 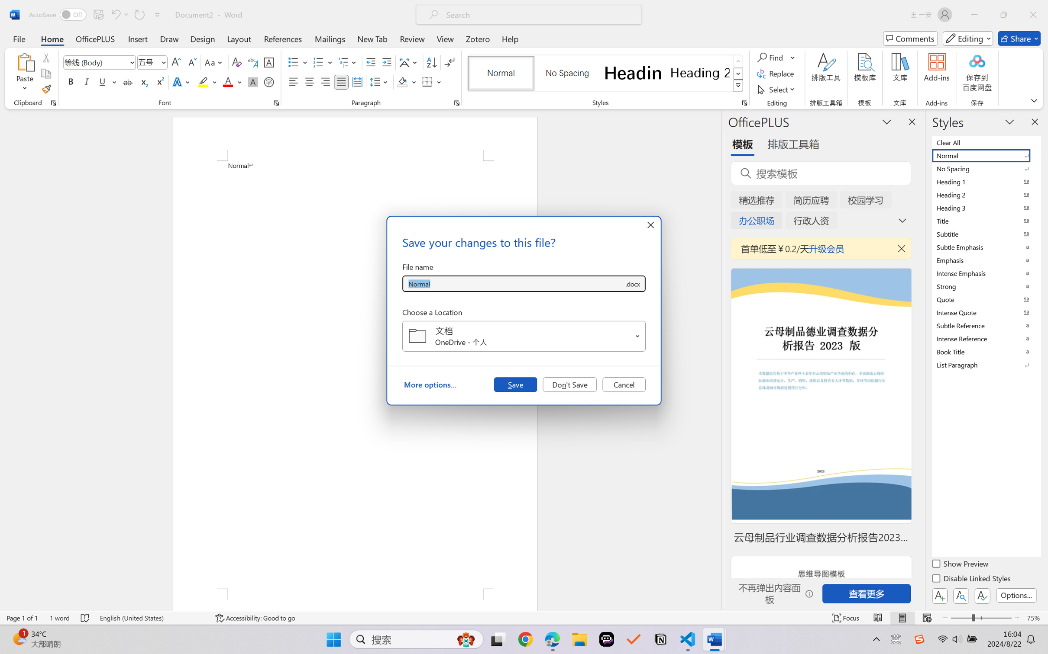 I want to click on 'Layout', so click(x=238, y=38).